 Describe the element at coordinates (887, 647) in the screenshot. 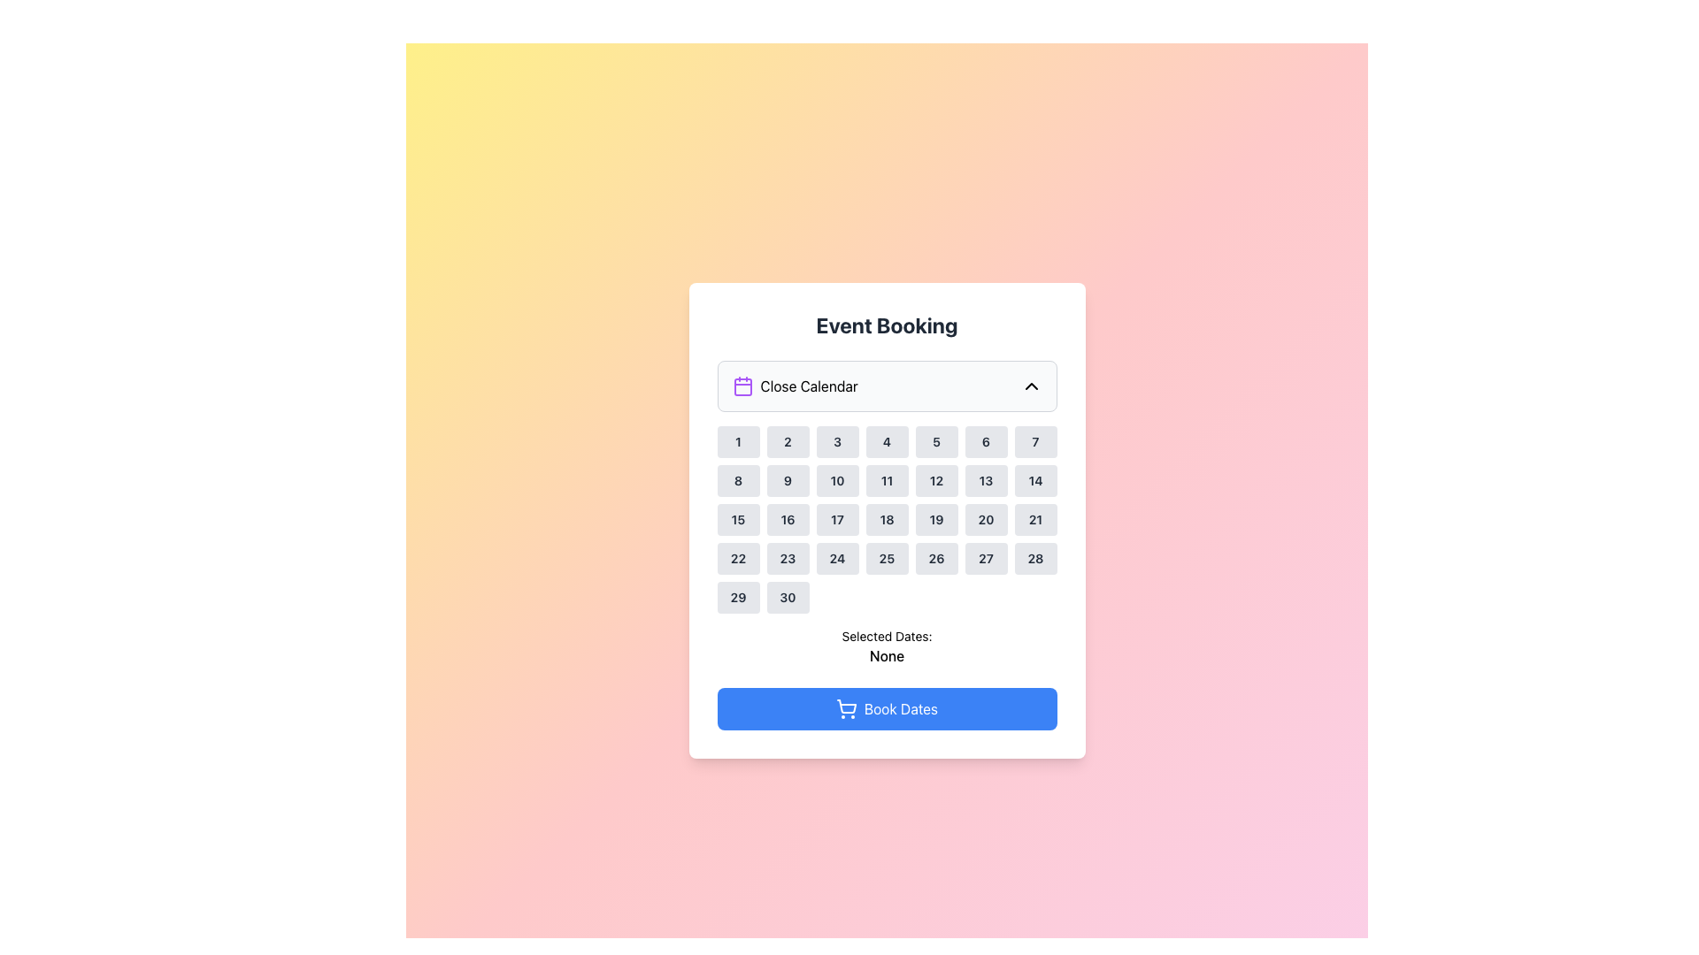

I see `the Text display component that indicates the currently selected dates in the 'Event Booking' UI, located below the calendar grid and above the 'Book Dates' button` at that location.